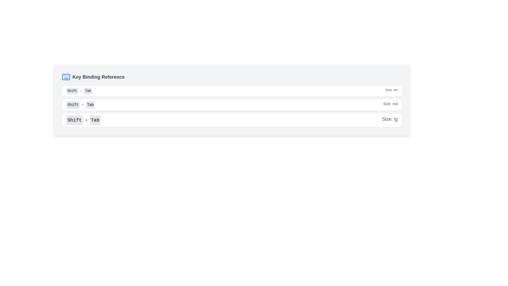 The height and width of the screenshot is (286, 508). What do you see at coordinates (83, 120) in the screenshot?
I see `the text label indicating the keyboard shortcut 'Shift + Tab' located in the third row under the 'Key Binding Reference' heading` at bounding box center [83, 120].